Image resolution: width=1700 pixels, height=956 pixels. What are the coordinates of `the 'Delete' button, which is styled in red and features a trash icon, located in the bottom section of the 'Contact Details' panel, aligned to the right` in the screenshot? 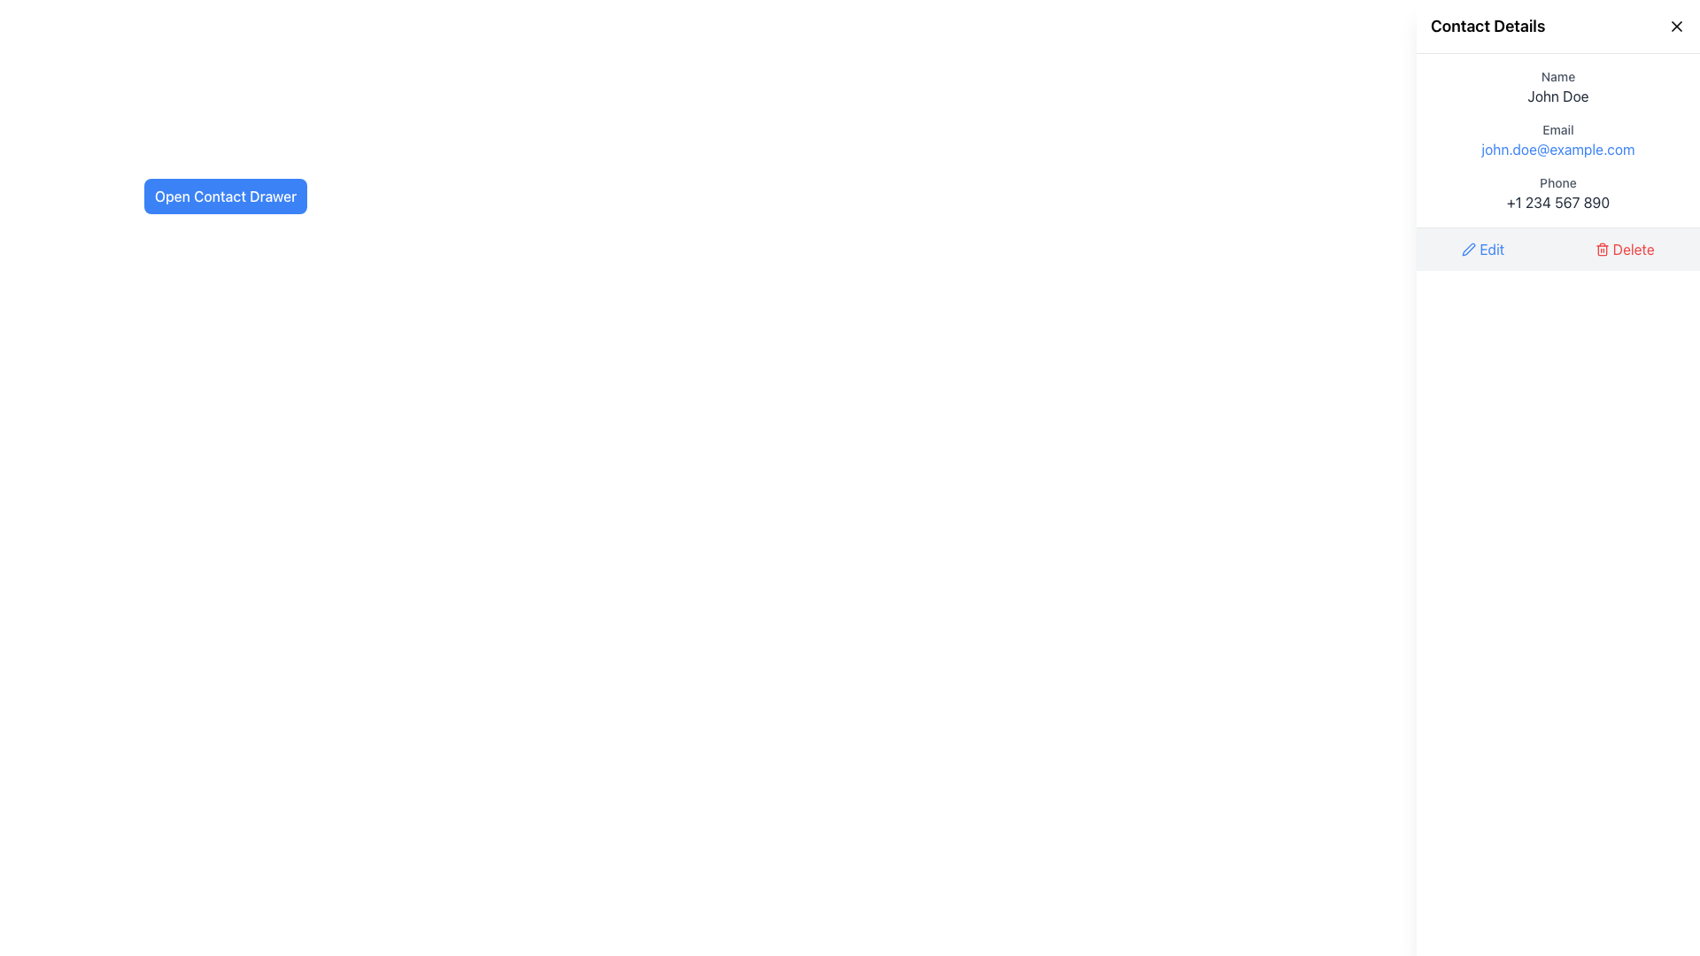 It's located at (1625, 249).